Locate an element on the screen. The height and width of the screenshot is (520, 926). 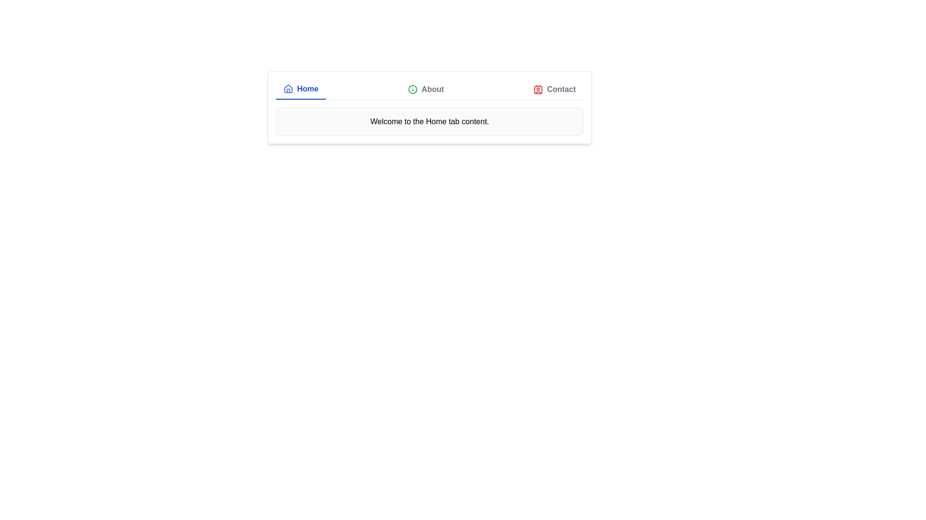
the 'Contact' text label within the navigation button located in the upper-right corner of the interface is located at coordinates (561, 89).